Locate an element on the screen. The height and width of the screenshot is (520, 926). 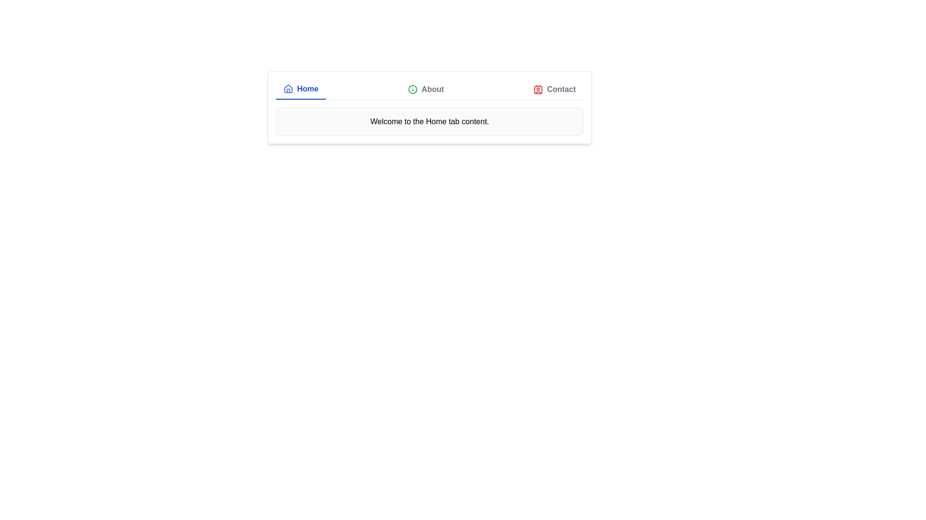
the 'Contact' text label within the navigation button located in the upper-right corner of the interface is located at coordinates (561, 89).